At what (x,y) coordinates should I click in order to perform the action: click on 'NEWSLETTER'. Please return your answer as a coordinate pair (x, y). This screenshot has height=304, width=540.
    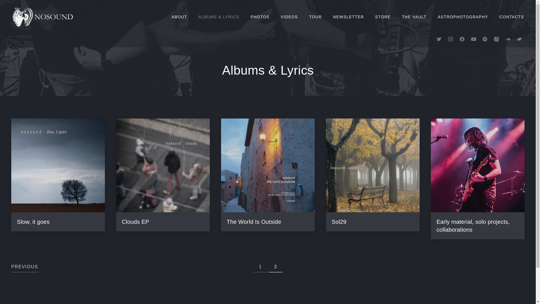
    Looking at the image, I should click on (327, 17).